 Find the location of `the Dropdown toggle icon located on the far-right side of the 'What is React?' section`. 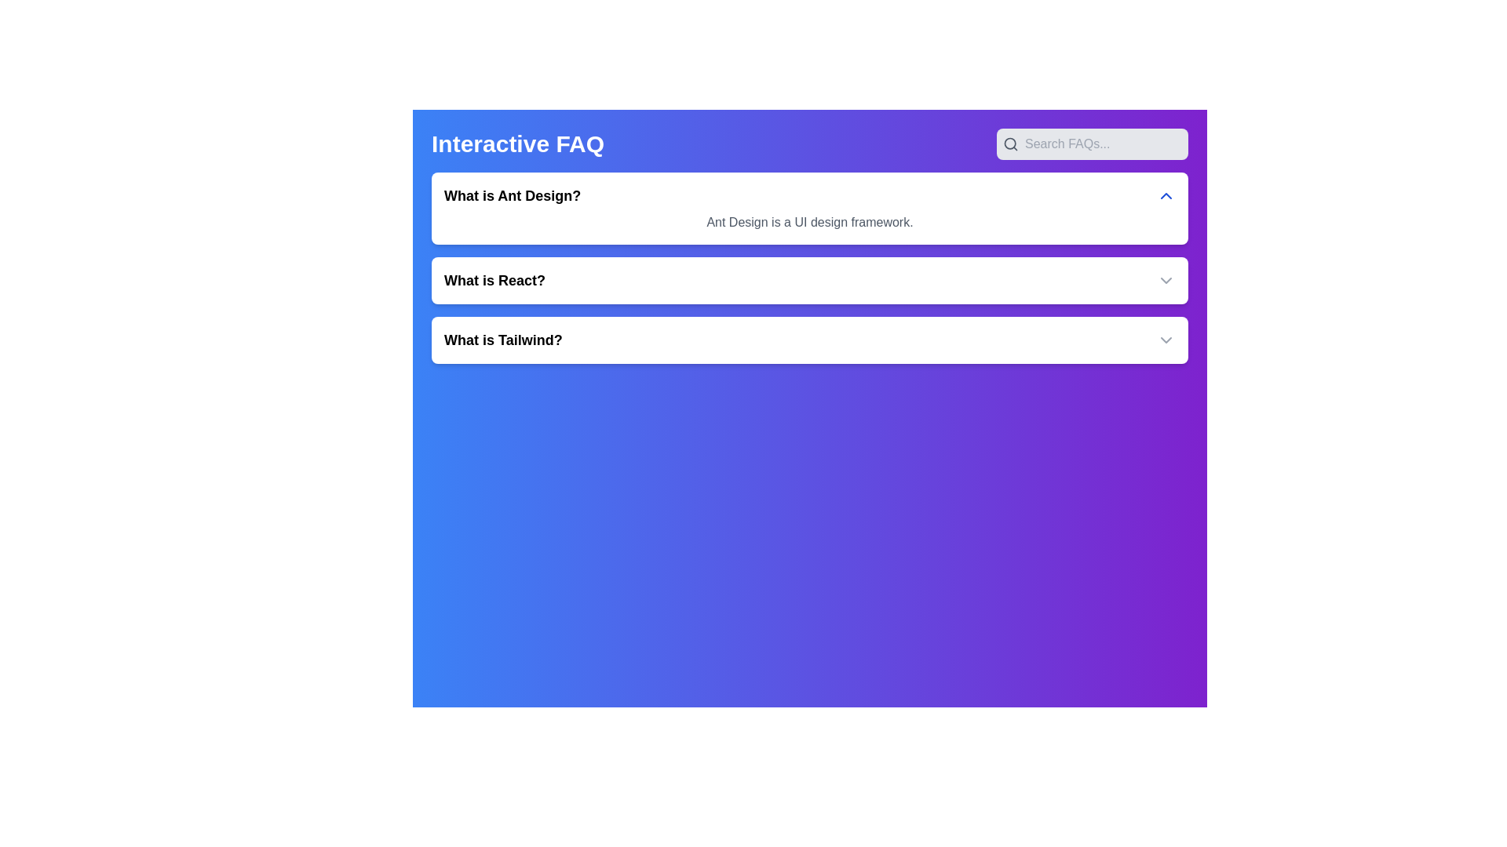

the Dropdown toggle icon located on the far-right side of the 'What is React?' section is located at coordinates (1166, 280).